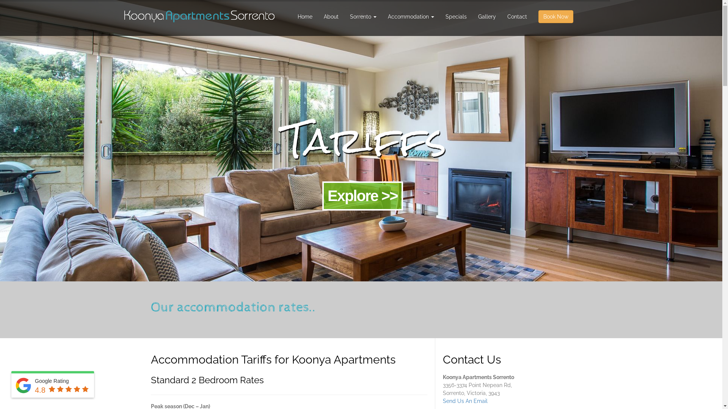 Image resolution: width=728 pixels, height=409 pixels. I want to click on 'Specials', so click(456, 16).